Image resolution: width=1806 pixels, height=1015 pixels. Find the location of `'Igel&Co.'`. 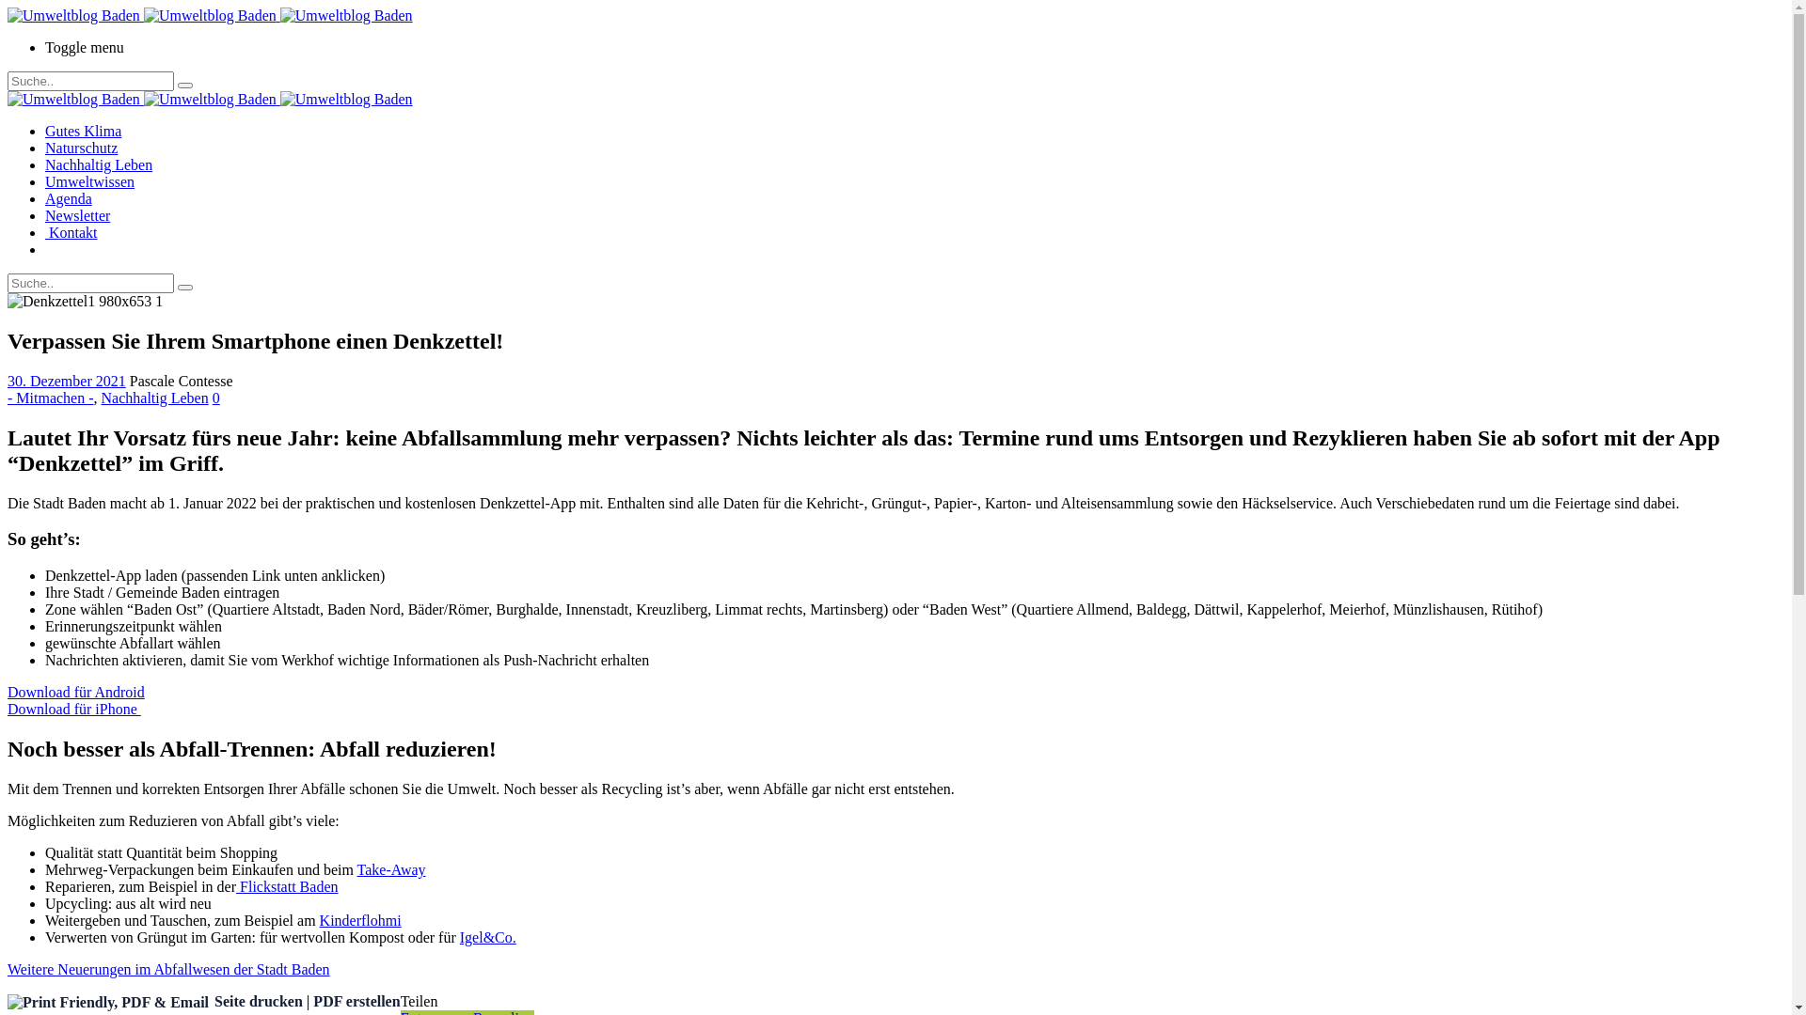

'Igel&Co.' is located at coordinates (460, 937).